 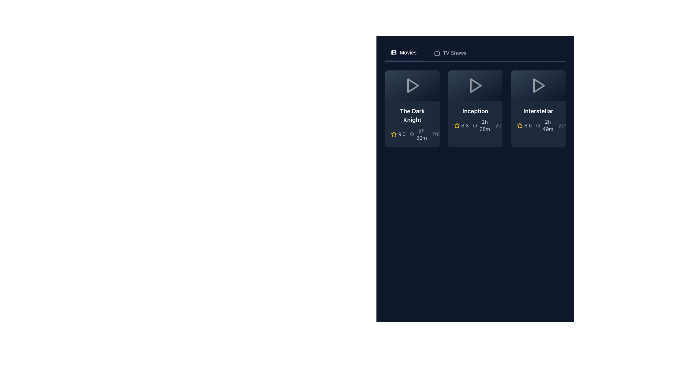 I want to click on the rating icon located in the top-right card of the grid layout, positioned to the left of the numeric rating value '8.6', so click(x=519, y=125).